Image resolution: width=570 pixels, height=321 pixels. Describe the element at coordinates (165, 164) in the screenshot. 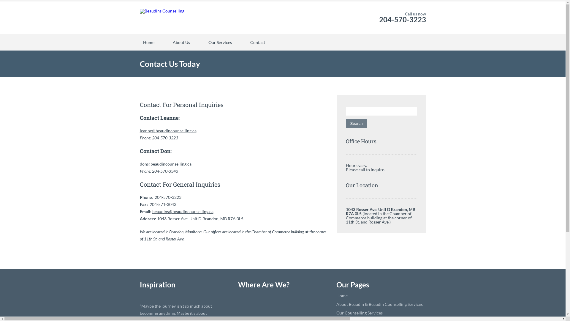

I see `'don@beaudincounselling.ca'` at that location.